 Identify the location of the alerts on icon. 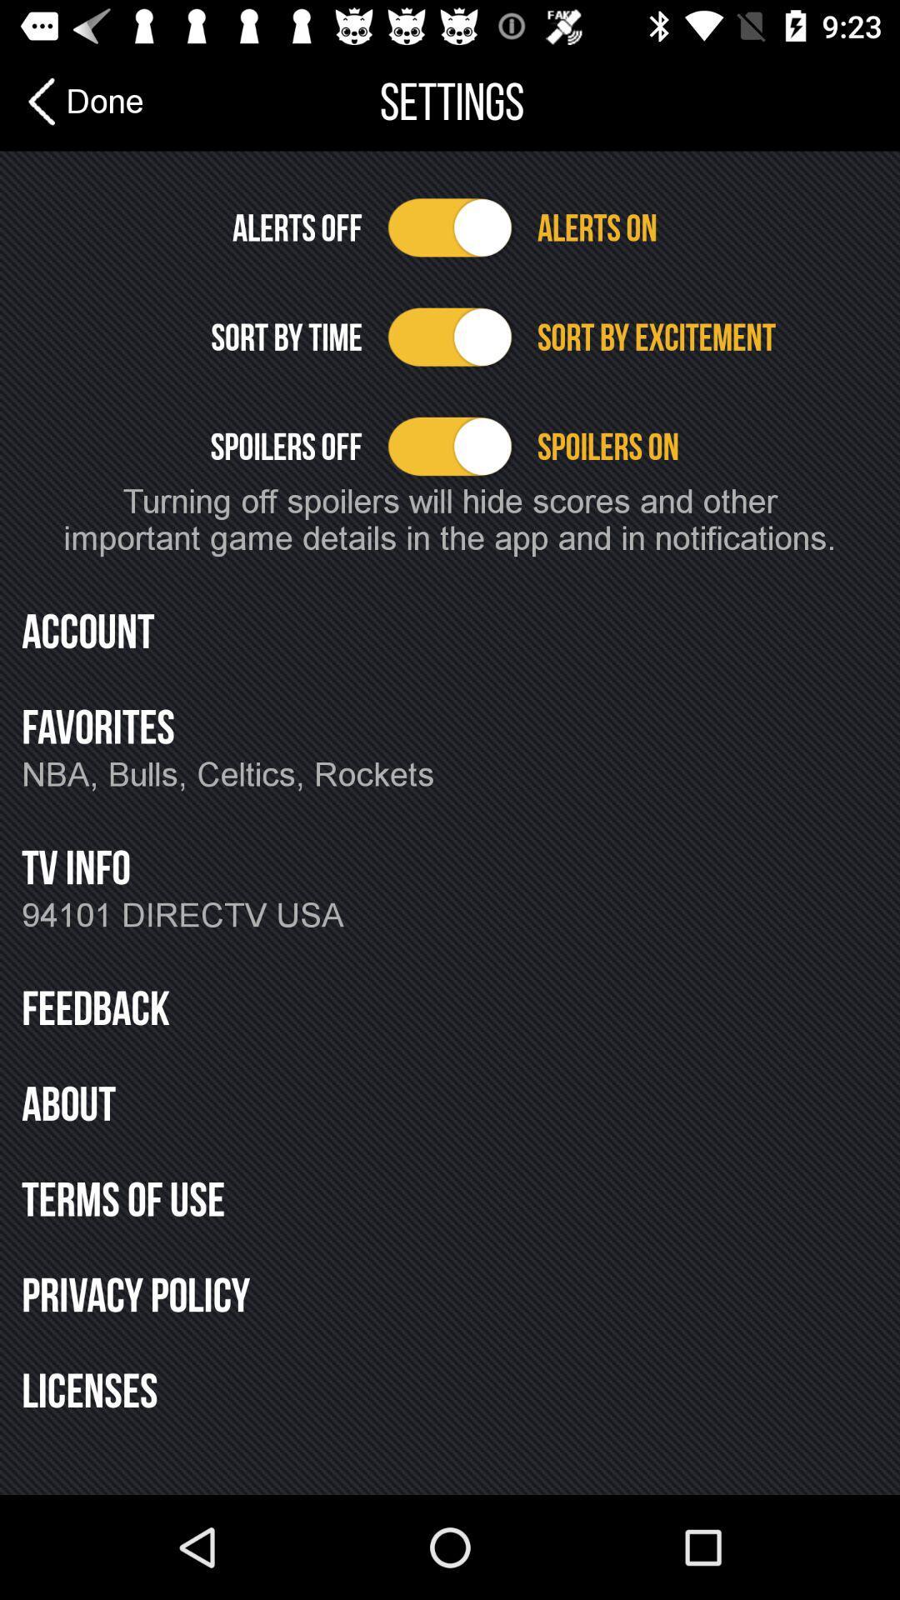
(707, 227).